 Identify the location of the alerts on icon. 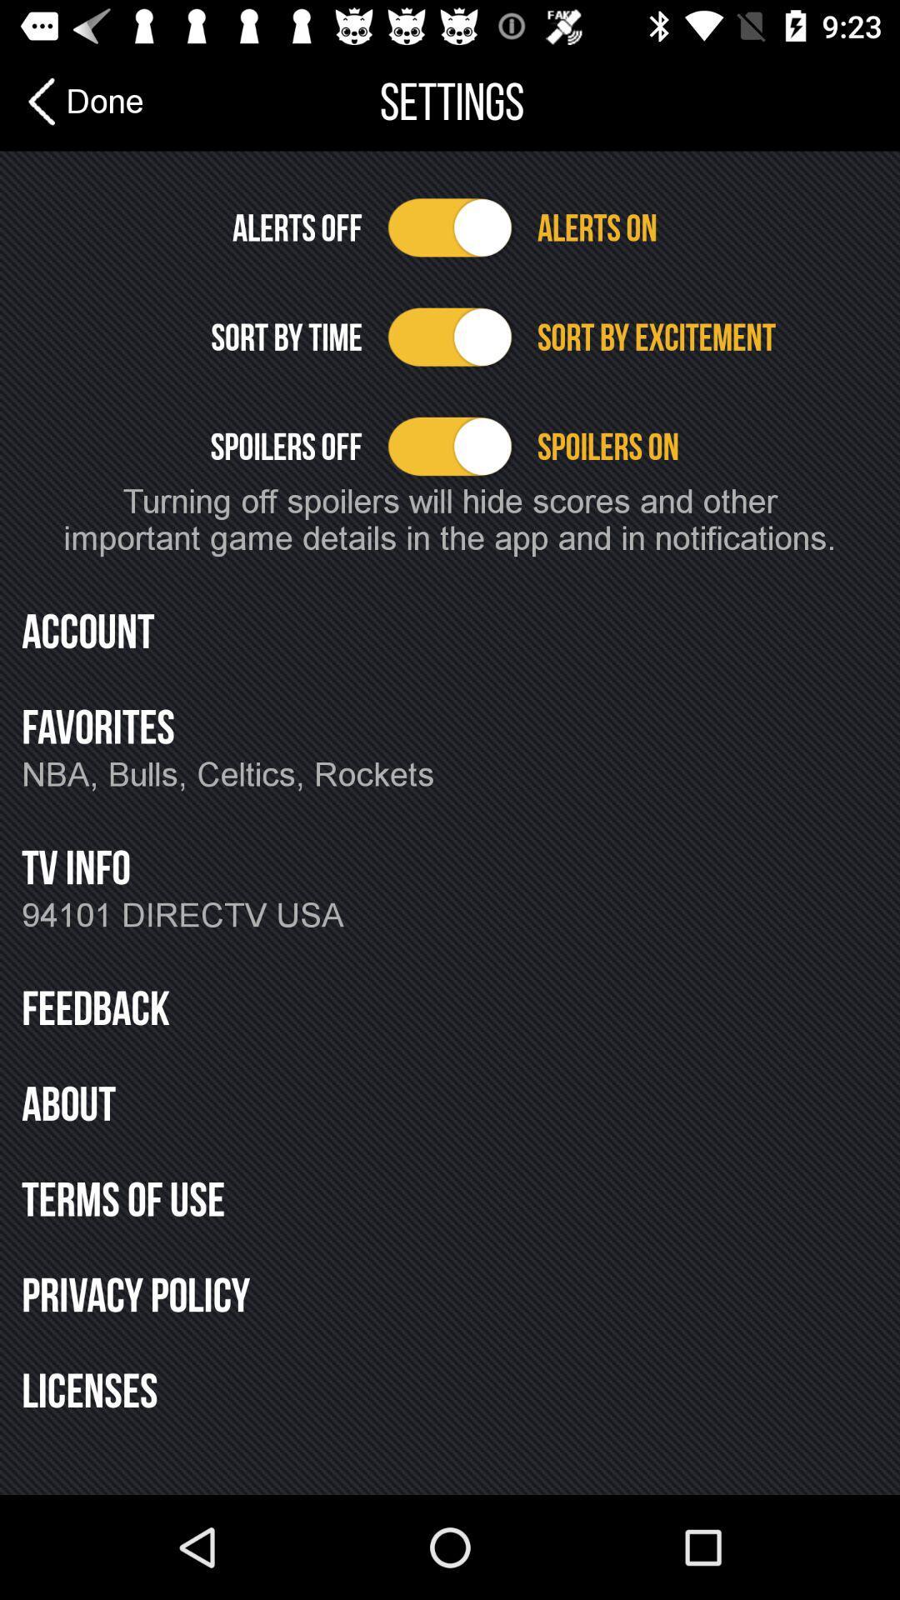
(707, 227).